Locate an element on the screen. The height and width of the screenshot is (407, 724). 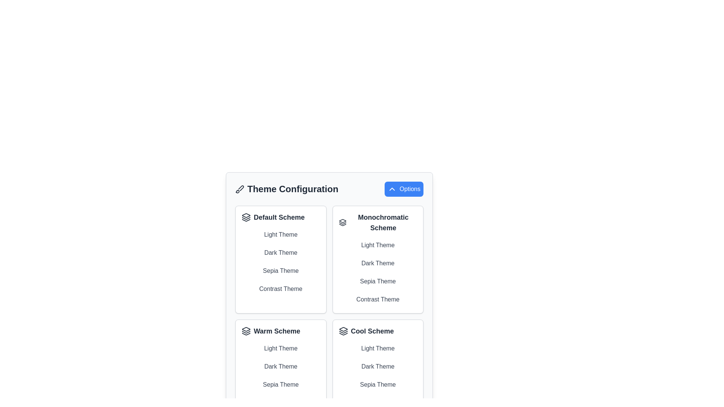
the 'Contrast Theme' option in the theme configuration interface is located at coordinates (378, 299).